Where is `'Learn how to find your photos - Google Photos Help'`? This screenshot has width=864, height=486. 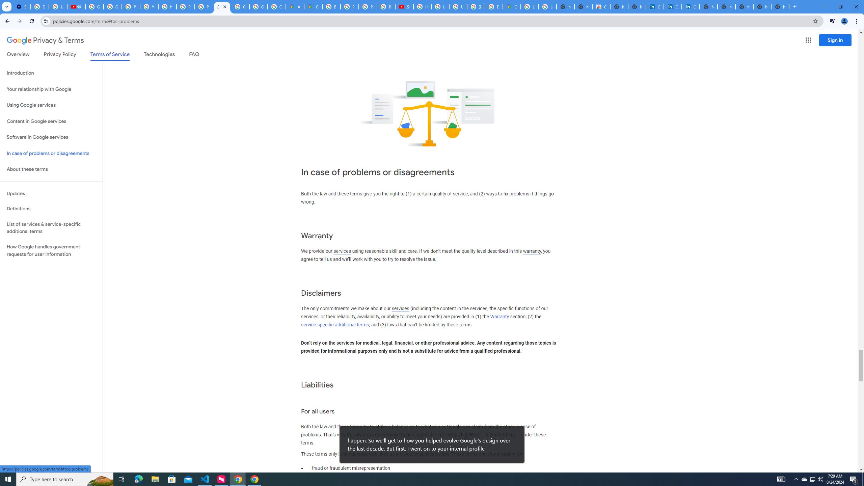
'Learn how to find your photos - Google Photos Help' is located at coordinates (58, 6).